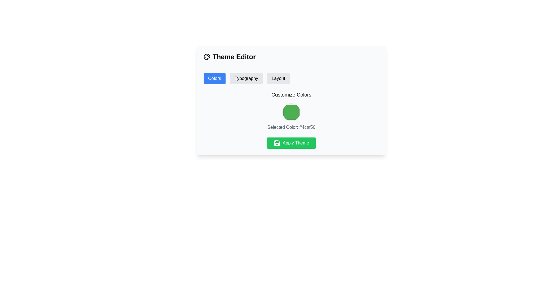  What do you see at coordinates (277, 143) in the screenshot?
I see `the save icon resembling a floppy disk, which is styled with a green background and located to the left of the 'Apply Theme' text within the button` at bounding box center [277, 143].